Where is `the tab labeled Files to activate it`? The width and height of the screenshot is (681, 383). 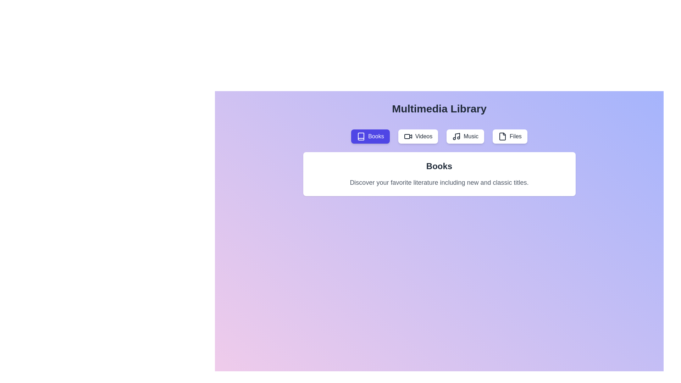
the tab labeled Files to activate it is located at coordinates (509, 137).